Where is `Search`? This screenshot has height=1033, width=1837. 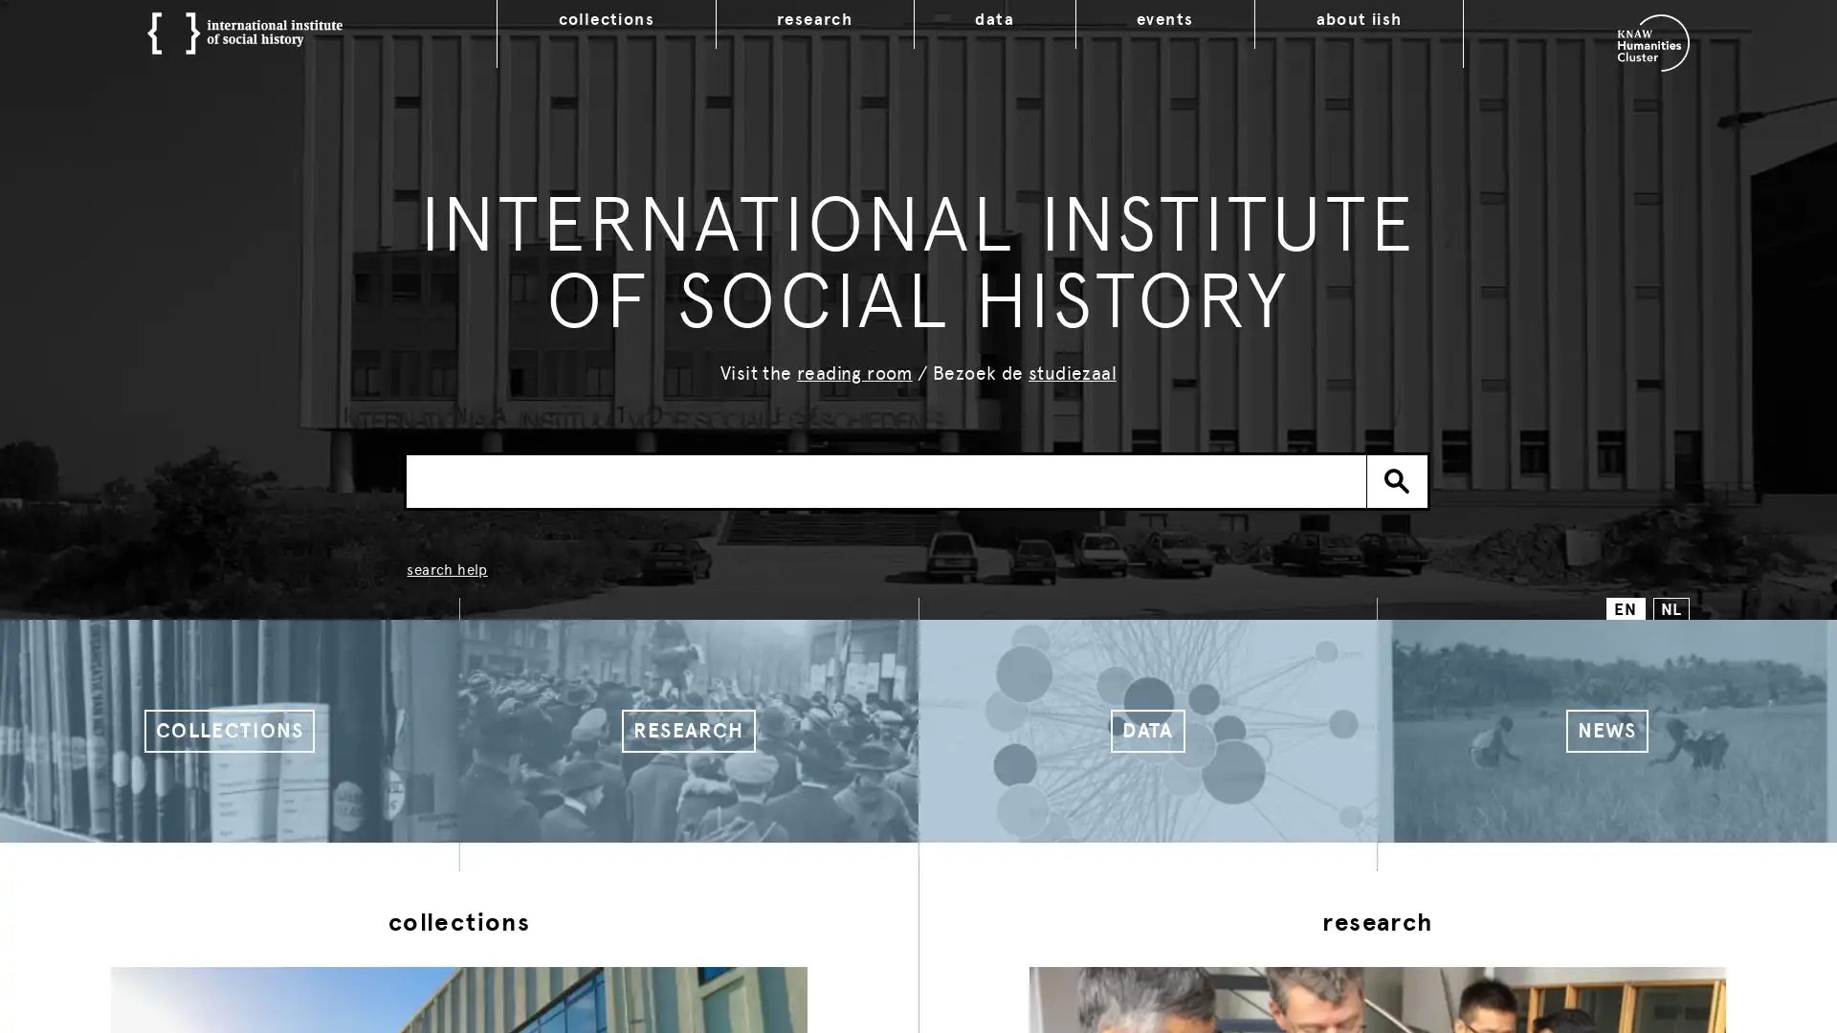 Search is located at coordinates (1397, 479).